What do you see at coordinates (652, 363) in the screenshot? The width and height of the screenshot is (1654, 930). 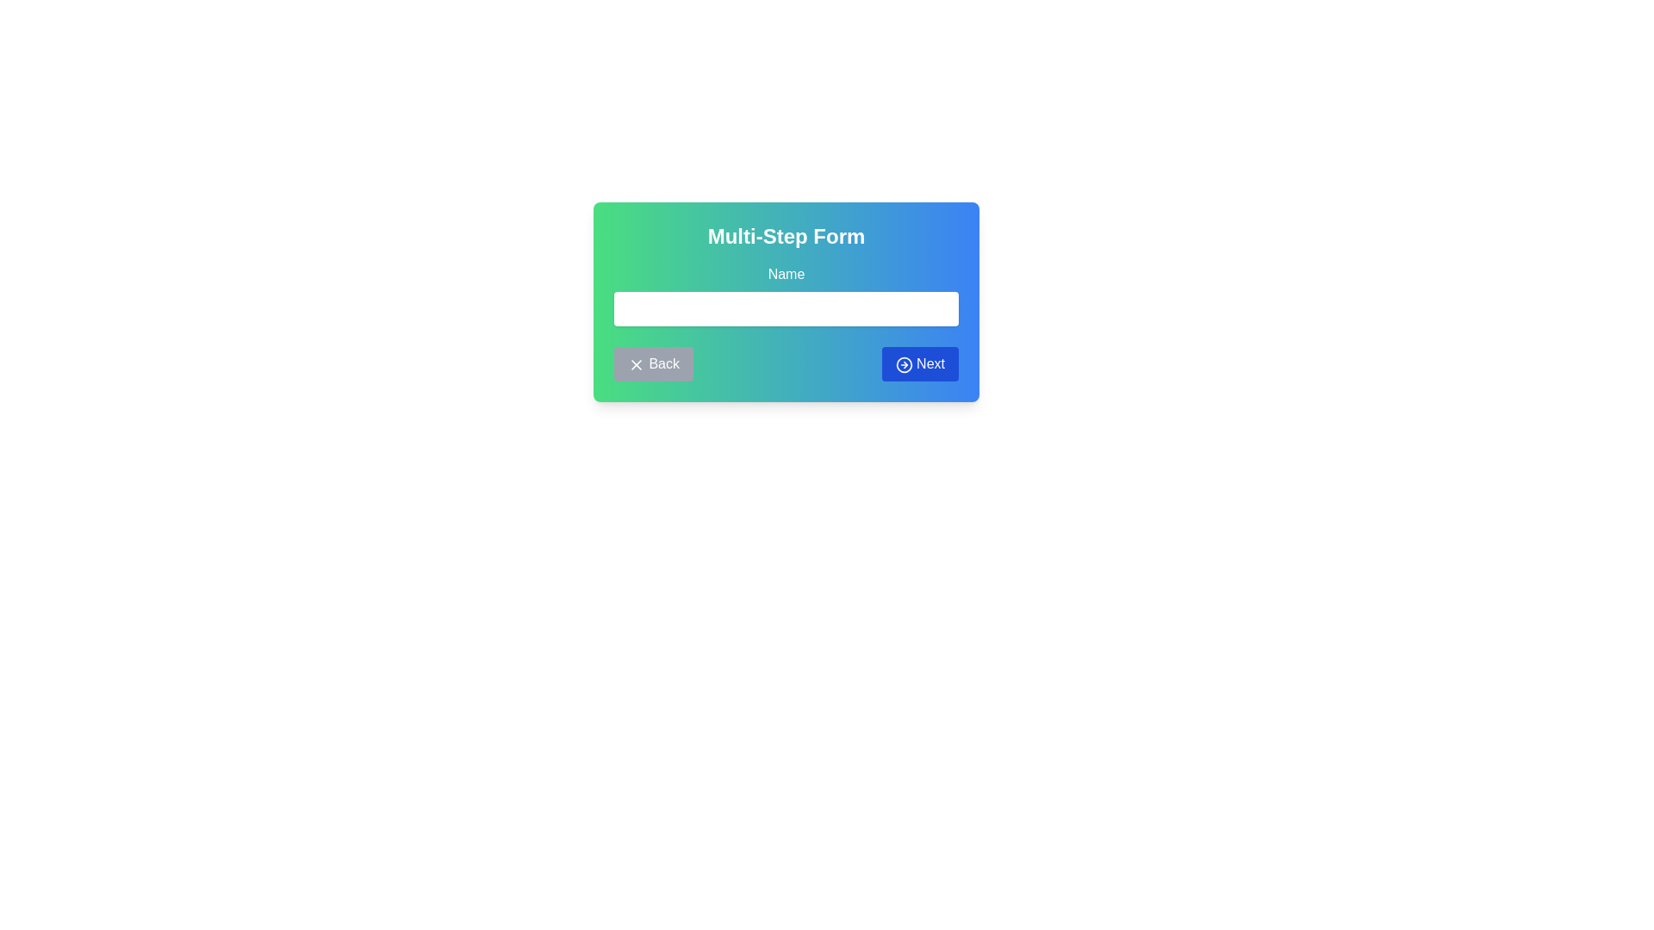 I see `the 'Back' button, which is a rectangle with rounded corners, red background, and white text displaying 'Back' with an 'X' icon to the left` at bounding box center [652, 363].